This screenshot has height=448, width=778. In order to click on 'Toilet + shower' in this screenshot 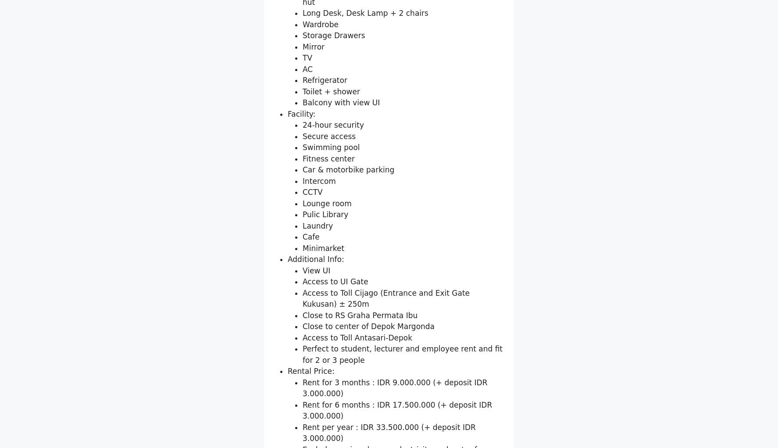, I will do `click(331, 194)`.